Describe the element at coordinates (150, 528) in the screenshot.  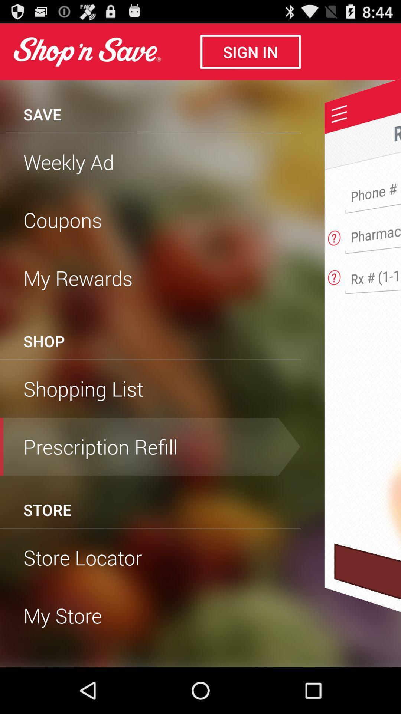
I see `item below the store icon` at that location.